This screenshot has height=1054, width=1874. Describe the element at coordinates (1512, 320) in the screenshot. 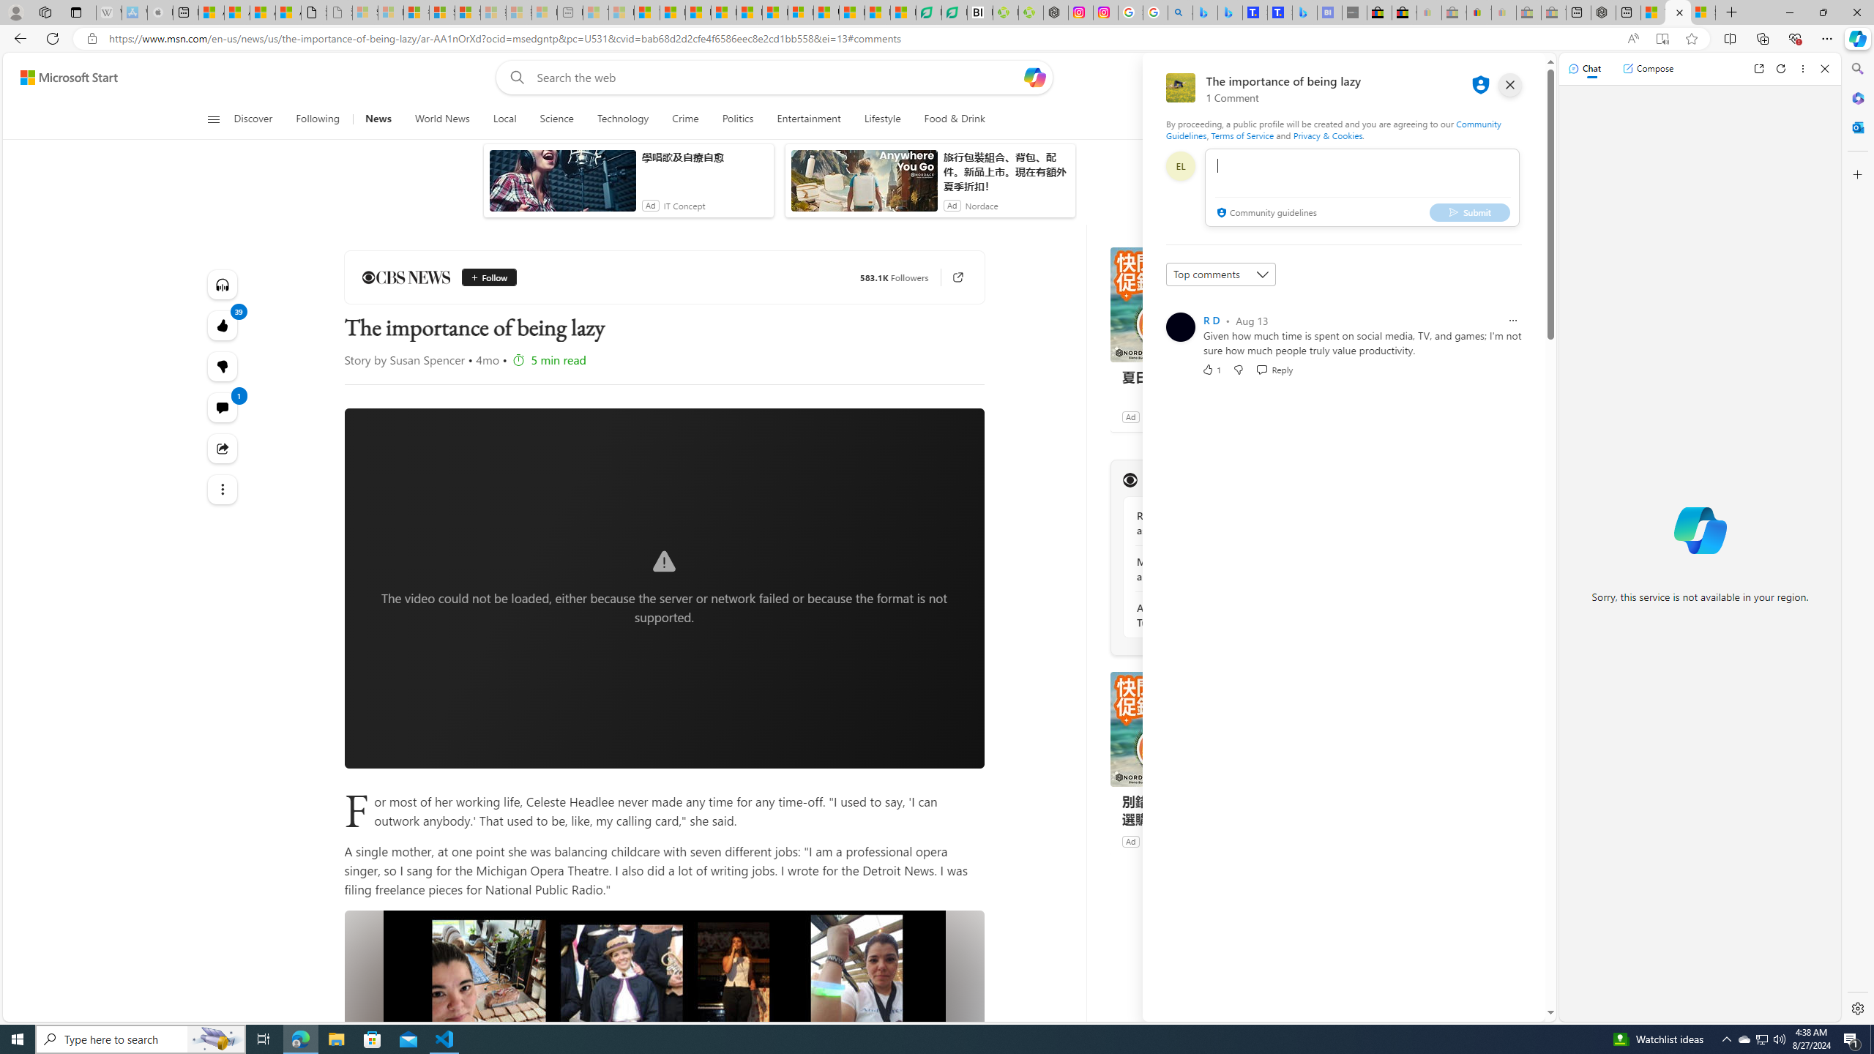

I see `'Report comment'` at that location.